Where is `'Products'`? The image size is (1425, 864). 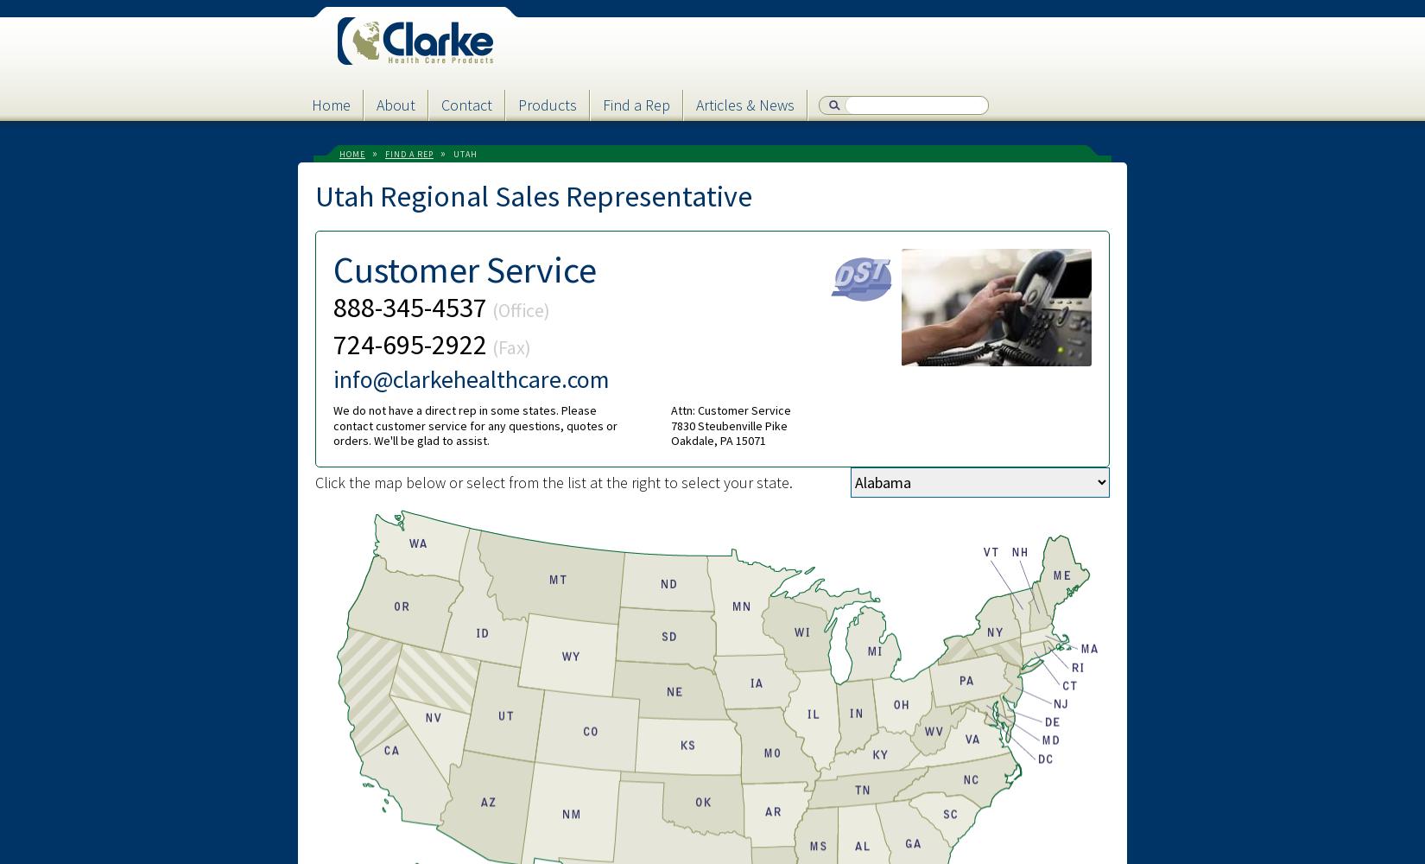 'Products' is located at coordinates (546, 104).